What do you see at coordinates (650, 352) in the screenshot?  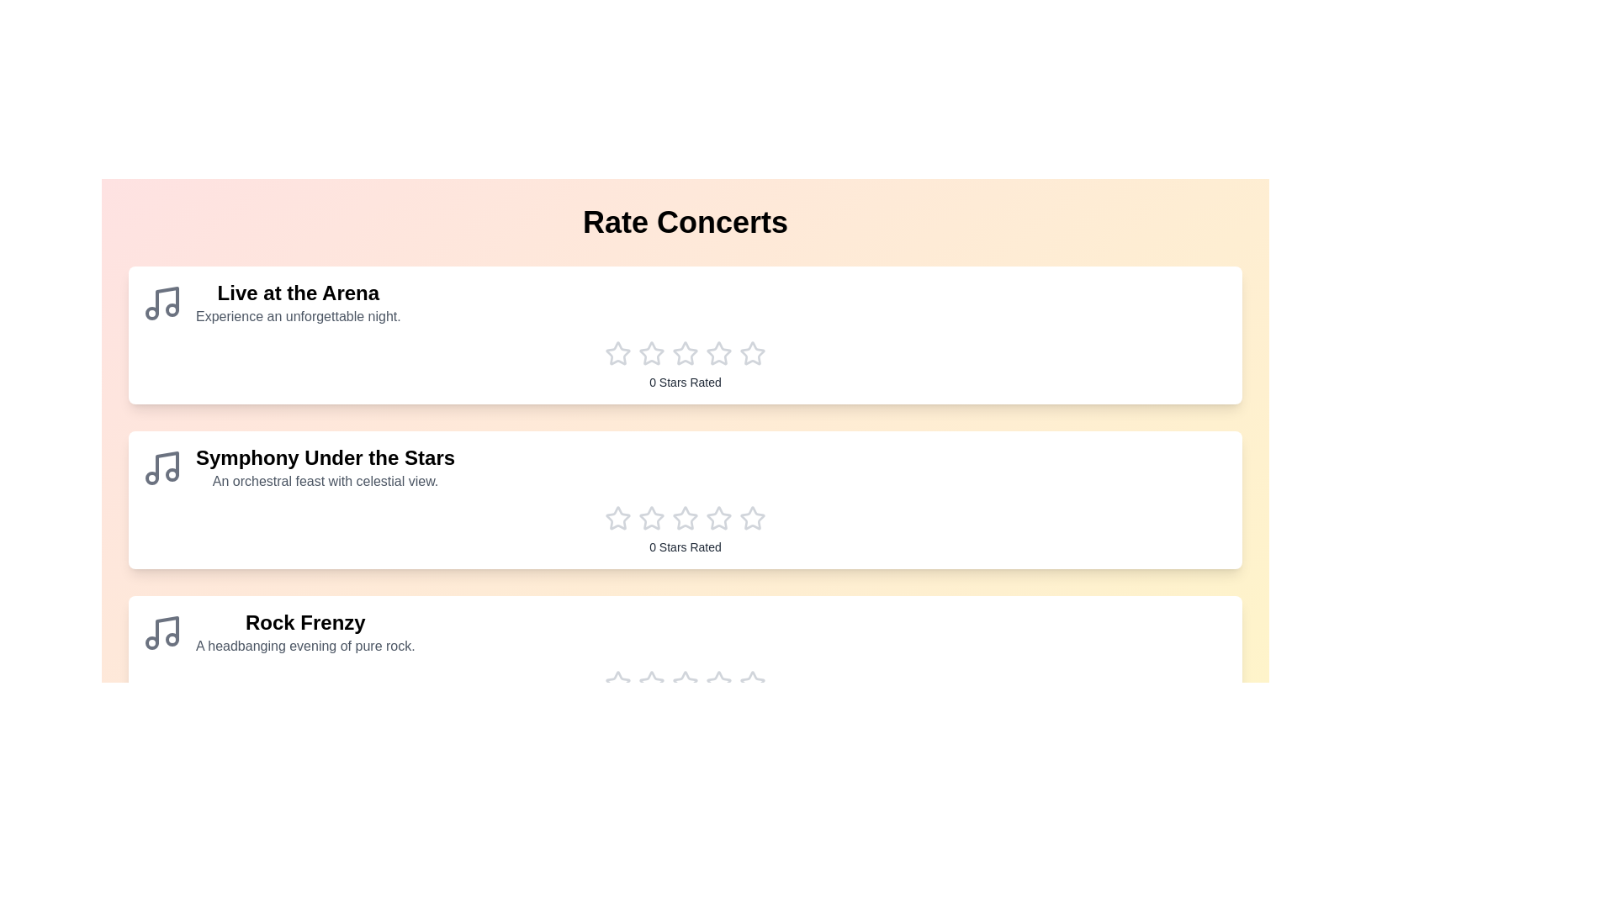 I see `the star corresponding to the rating 2 for the concert Live at the Arena` at bounding box center [650, 352].